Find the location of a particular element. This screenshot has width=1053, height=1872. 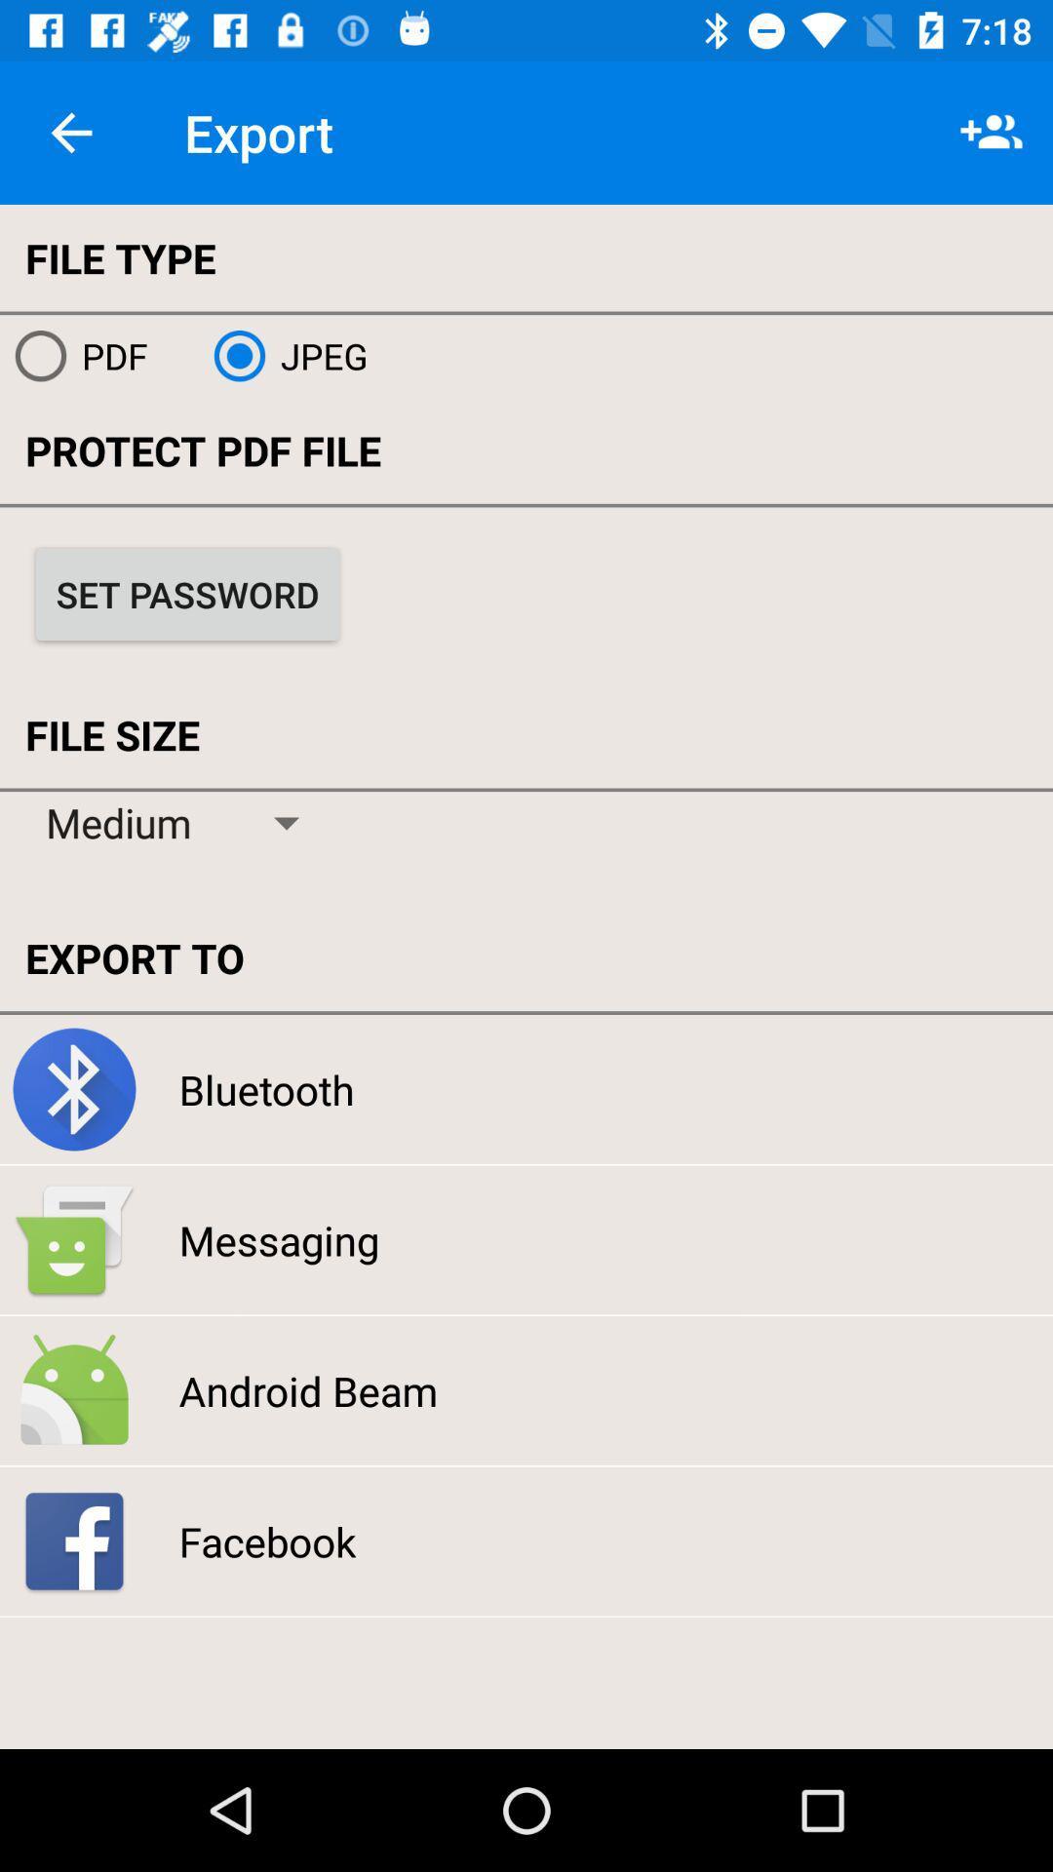

the icon to the right of export item is located at coordinates (992, 132).